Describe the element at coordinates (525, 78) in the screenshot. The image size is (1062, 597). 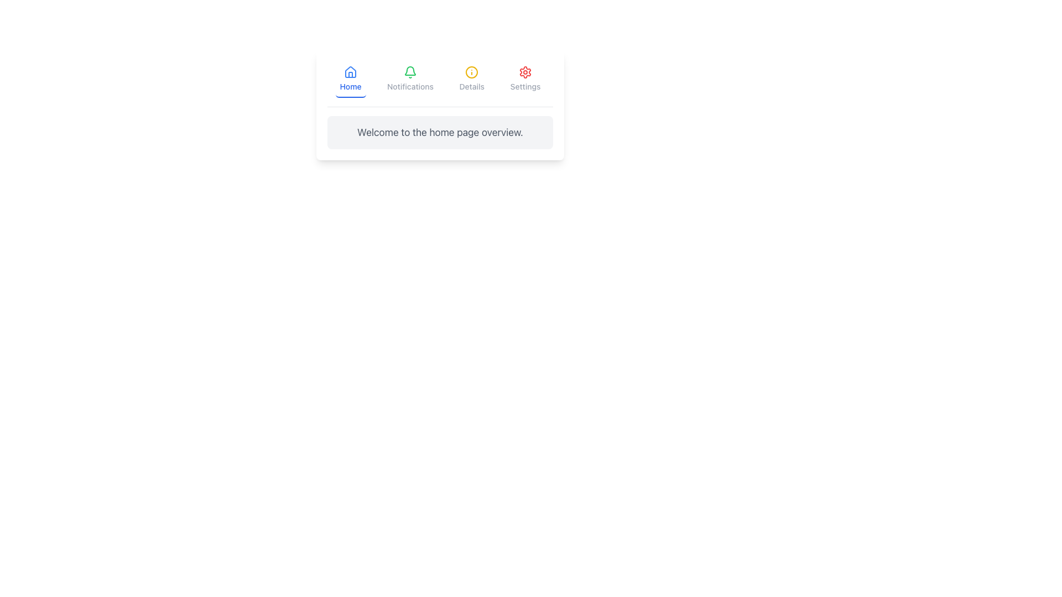
I see `the settings button, which is the fourth button in the horizontal navigation bar` at that location.